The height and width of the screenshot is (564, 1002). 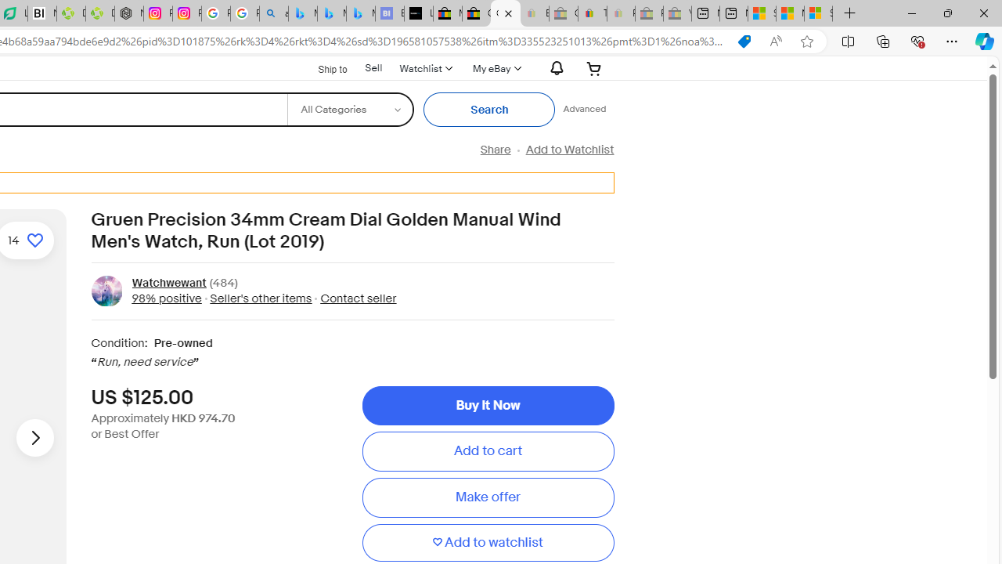 What do you see at coordinates (168, 283) in the screenshot?
I see `'Watchwewant'` at bounding box center [168, 283].